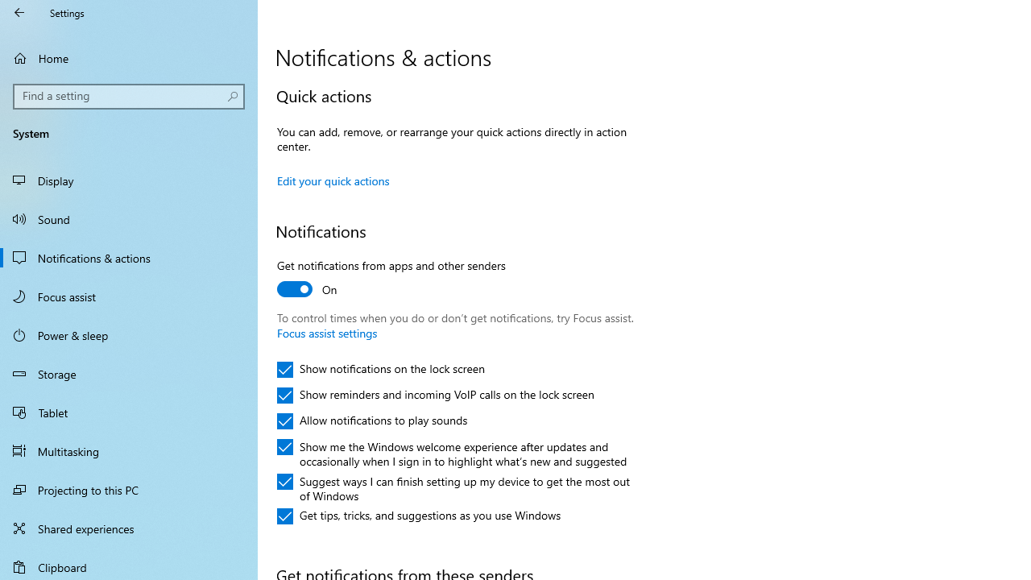 This screenshot has width=1031, height=580. What do you see at coordinates (129, 333) in the screenshot?
I see `'Power & sleep'` at bounding box center [129, 333].